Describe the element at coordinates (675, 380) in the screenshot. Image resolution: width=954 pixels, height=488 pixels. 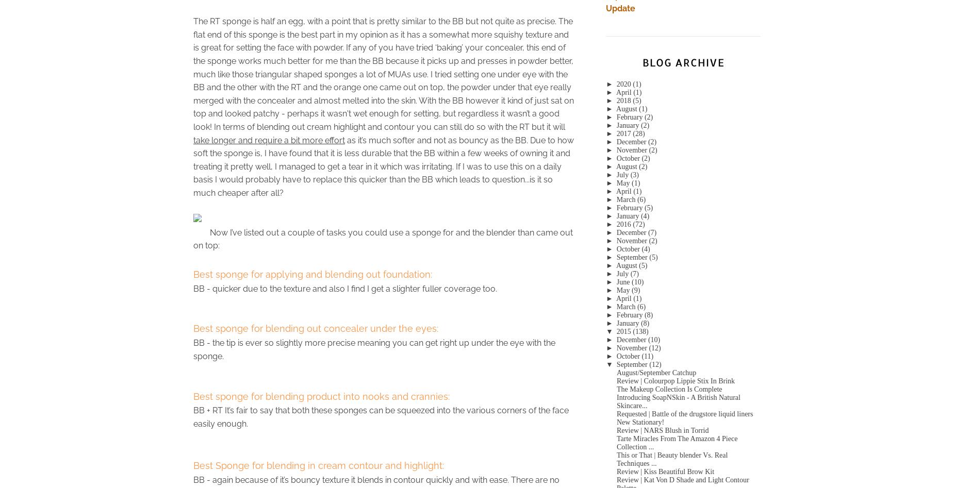
I see `'Review | Colourpop Lippie Stix In Brink'` at that location.